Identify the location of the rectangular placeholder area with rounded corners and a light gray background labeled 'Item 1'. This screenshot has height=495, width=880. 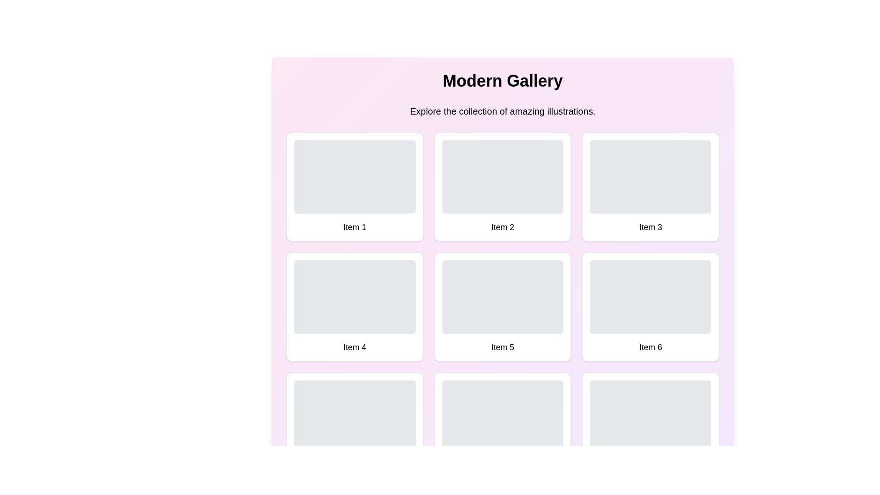
(354, 176).